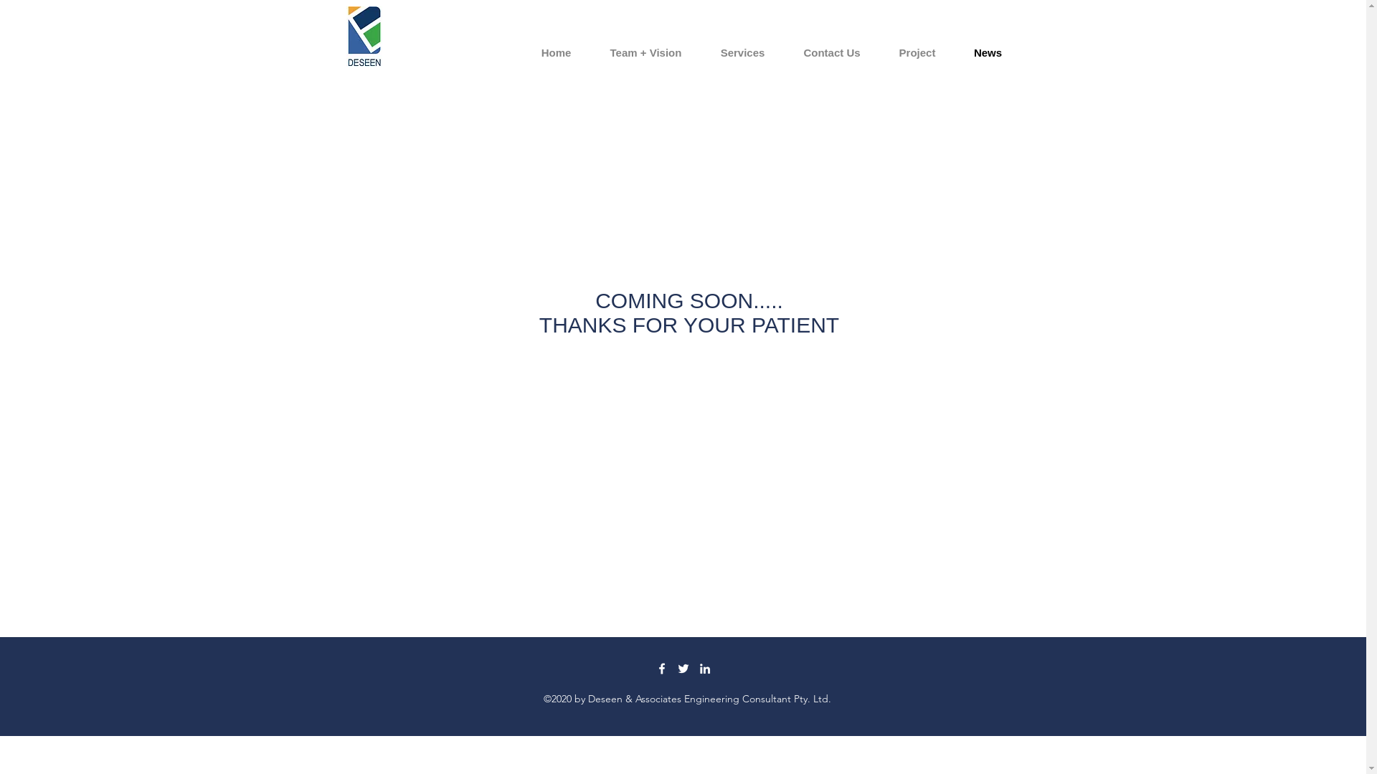  I want to click on 'News', so click(987, 52).